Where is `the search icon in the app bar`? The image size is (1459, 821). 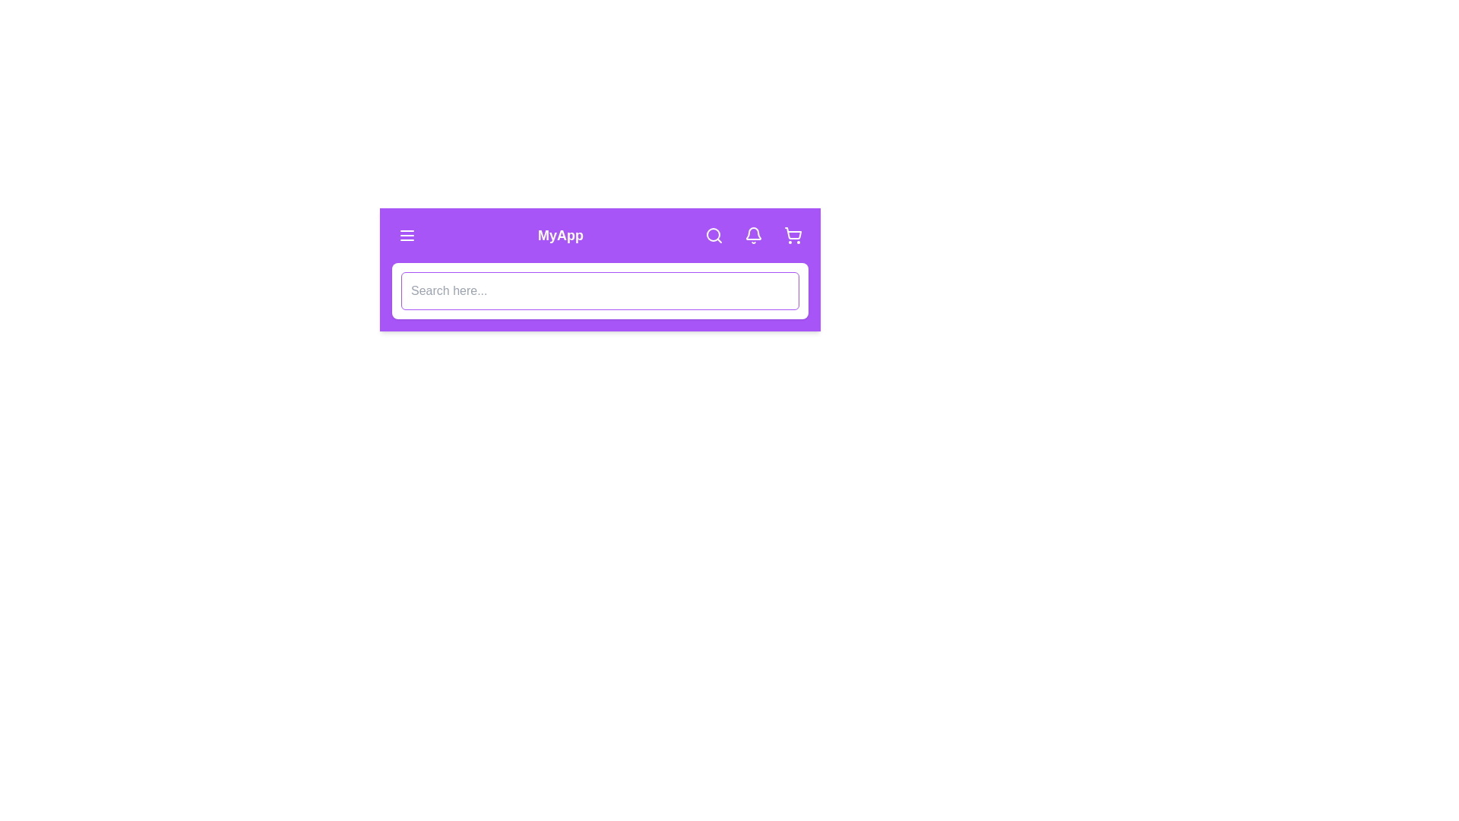
the search icon in the app bar is located at coordinates (714, 235).